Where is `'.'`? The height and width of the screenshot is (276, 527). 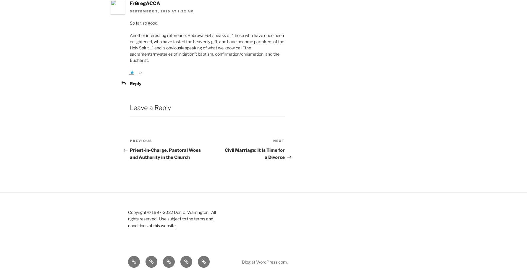 '.' is located at coordinates (176, 225).